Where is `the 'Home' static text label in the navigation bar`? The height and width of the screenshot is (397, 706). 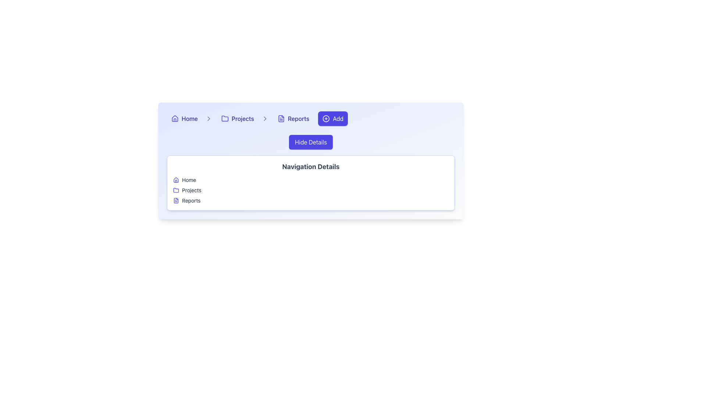 the 'Home' static text label in the navigation bar is located at coordinates (189, 118).